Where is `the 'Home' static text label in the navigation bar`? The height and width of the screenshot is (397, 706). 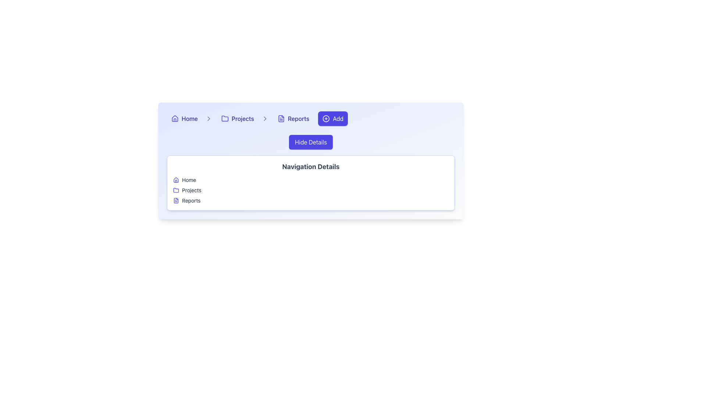 the 'Home' static text label in the navigation bar is located at coordinates (189, 118).